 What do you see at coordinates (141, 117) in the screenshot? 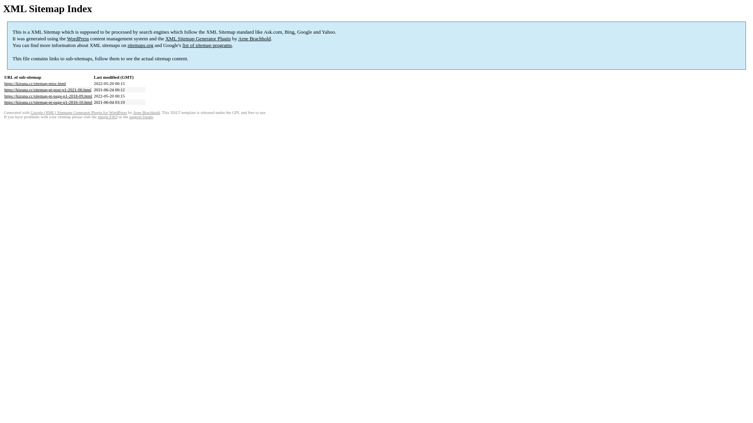
I see `'support forum'` at bounding box center [141, 117].